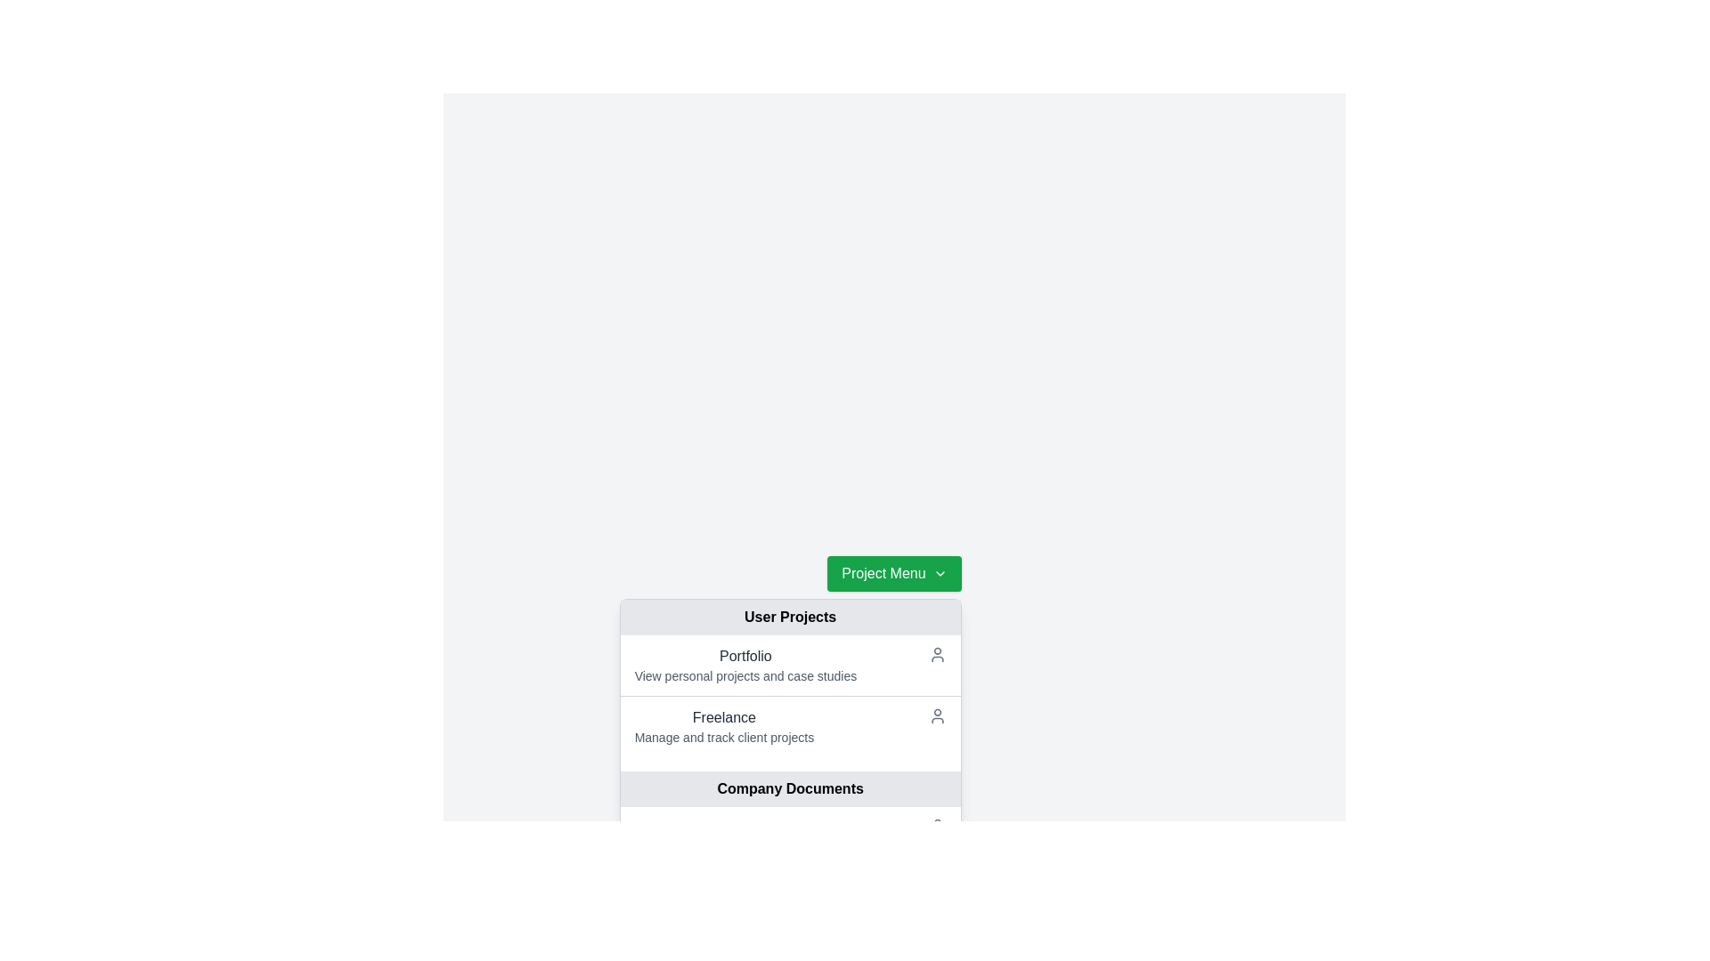 The width and height of the screenshot is (1710, 961). What do you see at coordinates (724, 727) in the screenshot?
I see `the 'Client Projects' text in the dropdown menu under the 'User Projects' header` at bounding box center [724, 727].